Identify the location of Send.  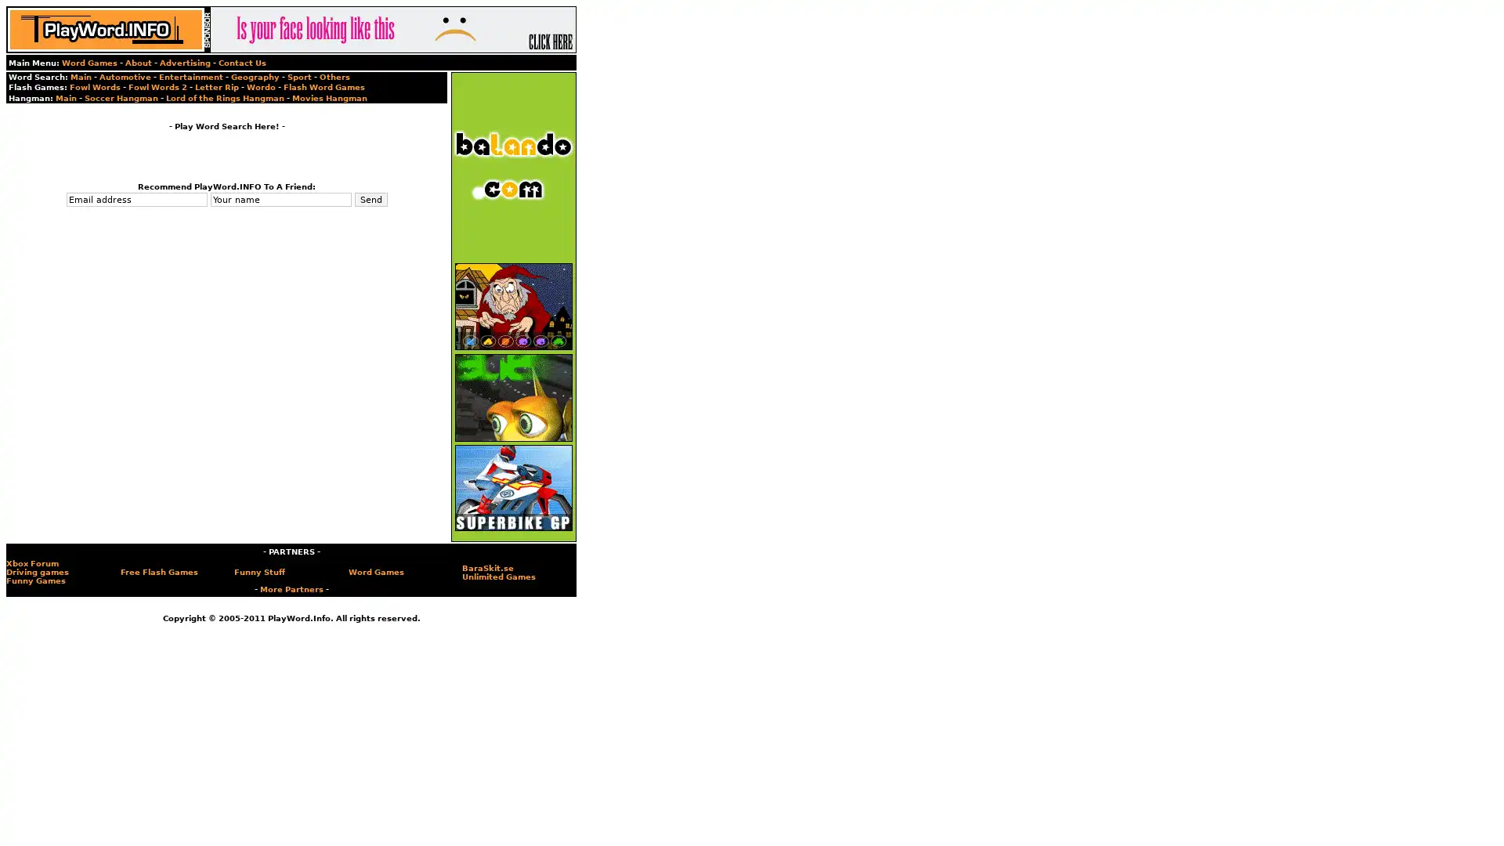
(370, 198).